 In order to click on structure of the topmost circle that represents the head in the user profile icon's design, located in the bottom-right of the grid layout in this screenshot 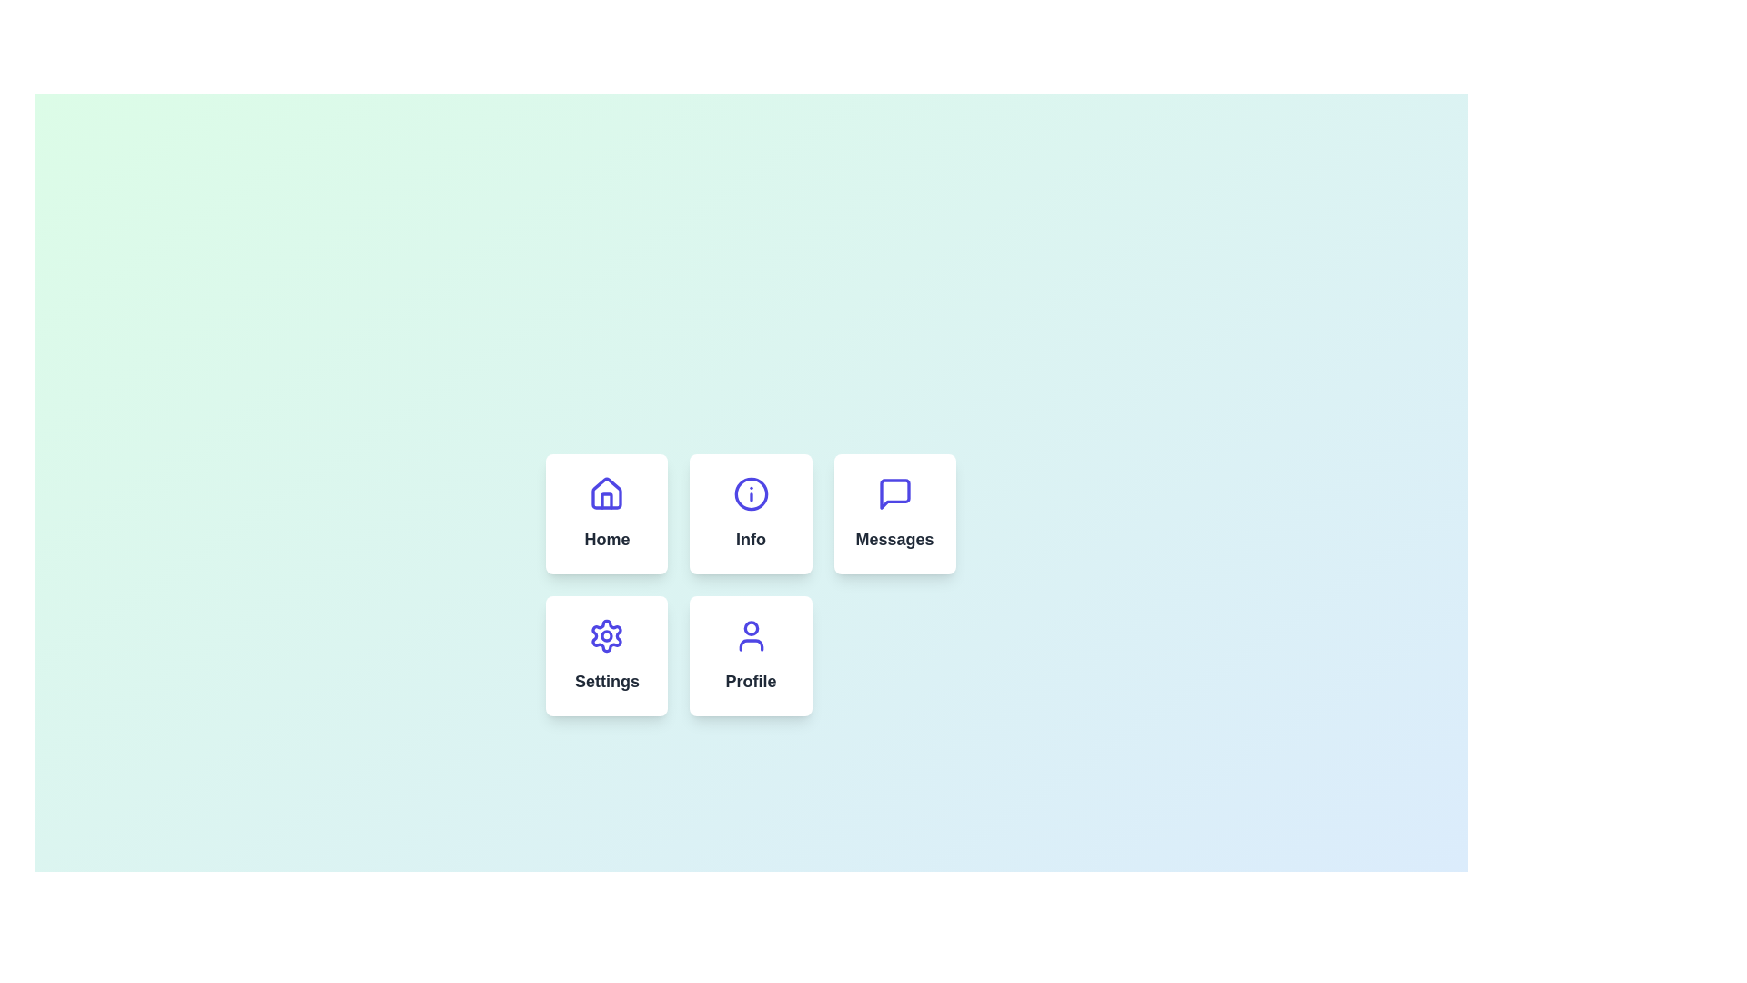, I will do `click(751, 627)`.